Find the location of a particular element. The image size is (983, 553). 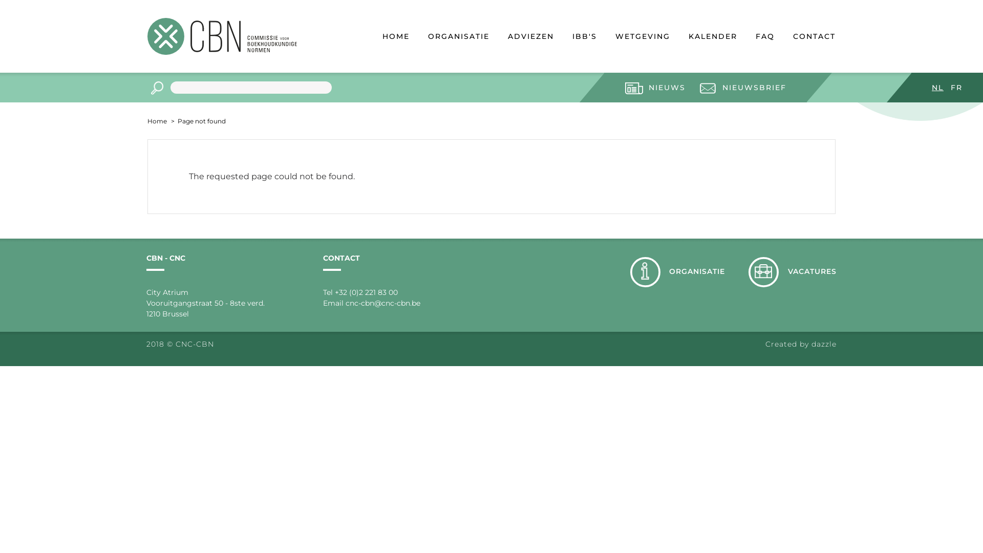

'WETGEVING' is located at coordinates (614, 37).